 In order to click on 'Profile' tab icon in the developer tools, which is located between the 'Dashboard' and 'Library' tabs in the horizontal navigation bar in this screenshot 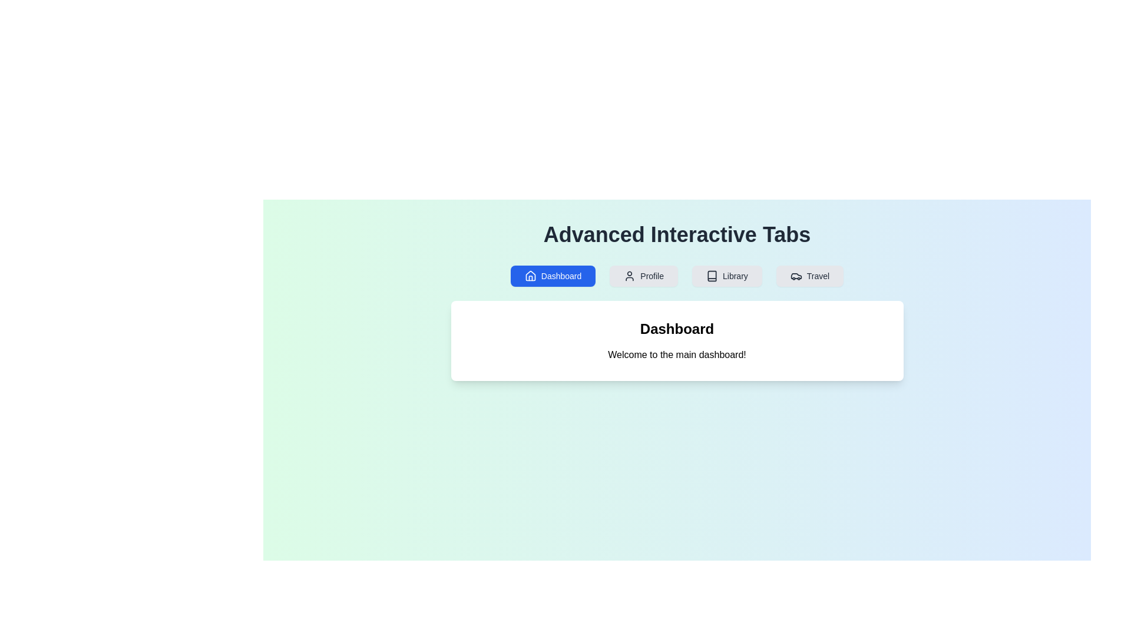, I will do `click(629, 276)`.